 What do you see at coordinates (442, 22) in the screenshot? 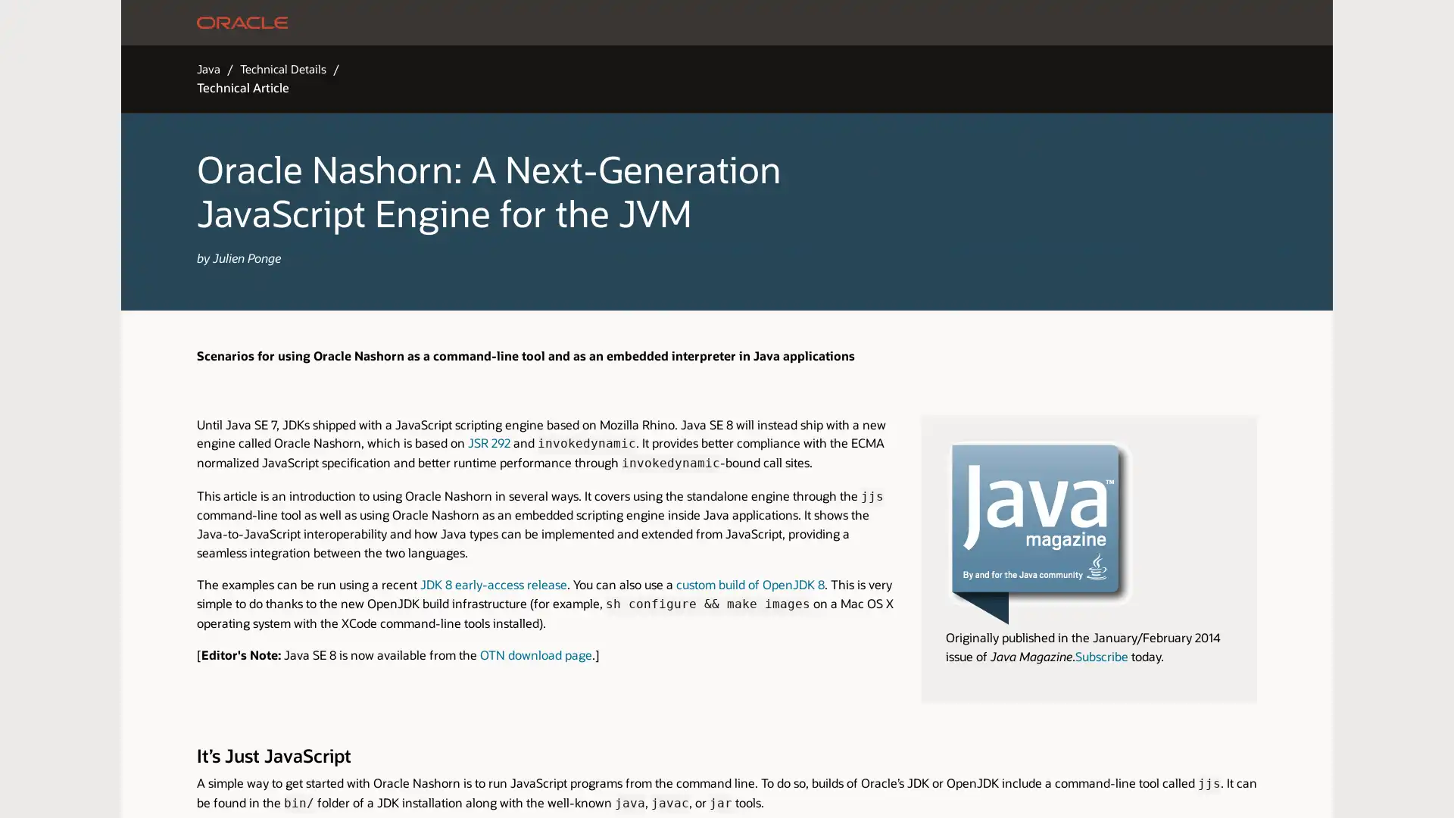
I see `Products` at bounding box center [442, 22].